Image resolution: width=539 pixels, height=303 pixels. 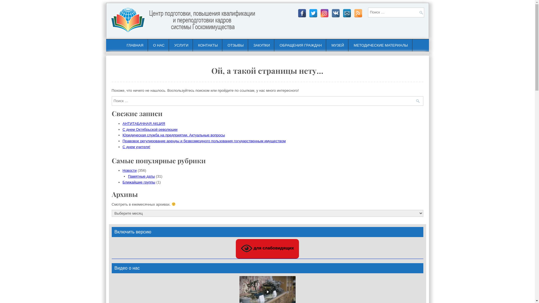 I want to click on 'RSS Feed', so click(x=358, y=13).